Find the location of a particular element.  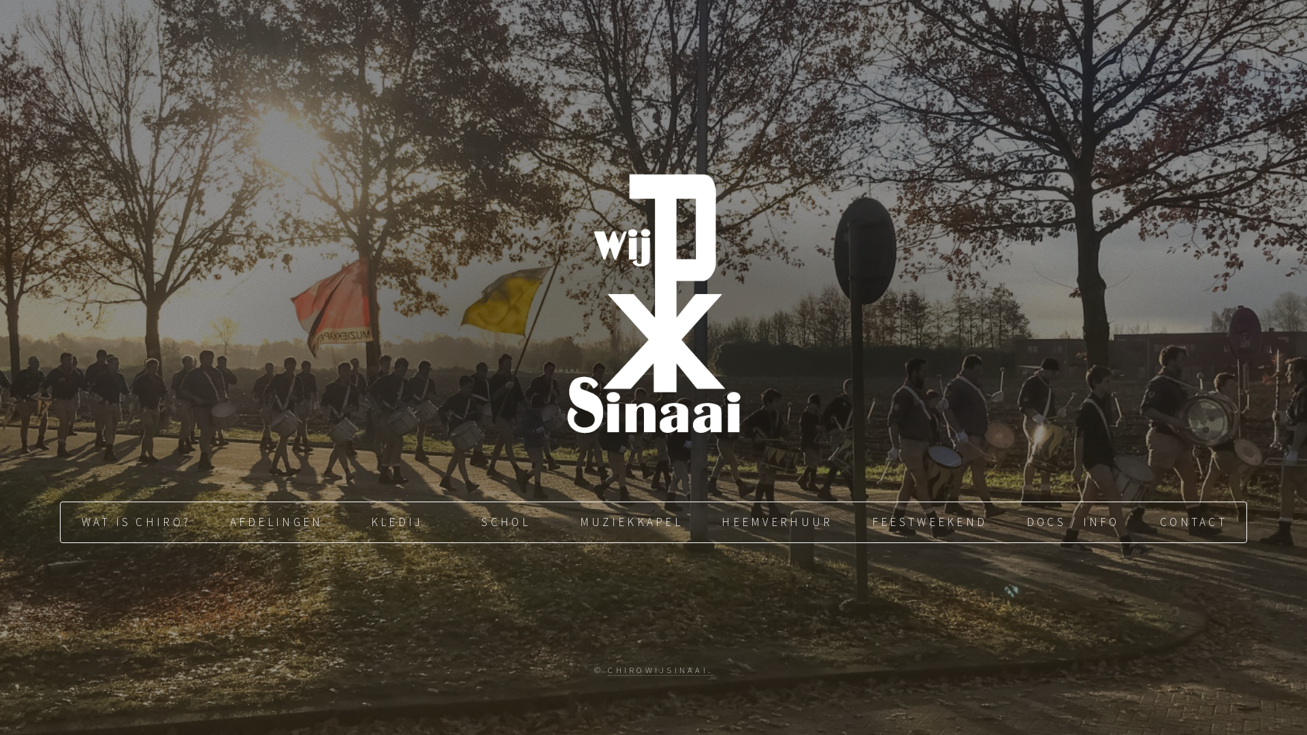

'MUZIEKKAPEL' is located at coordinates (629, 521).